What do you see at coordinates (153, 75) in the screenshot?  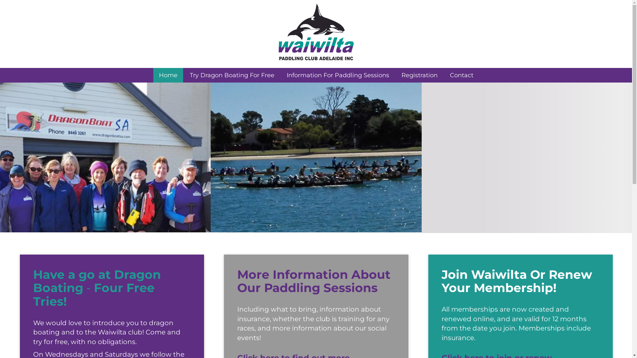 I see `'Home'` at bounding box center [153, 75].